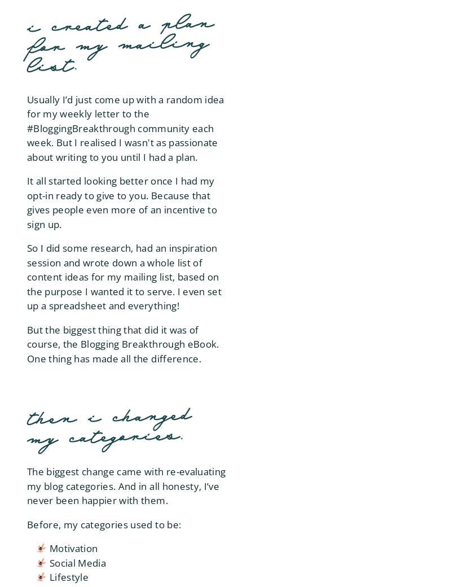  I want to click on 'So I did some research, had an inspiration session and wrote down a whole list of content ideas for my mailing list, based on the purpose I wanted it to serve. I even set up a spreadsheet and everything!', so click(124, 277).